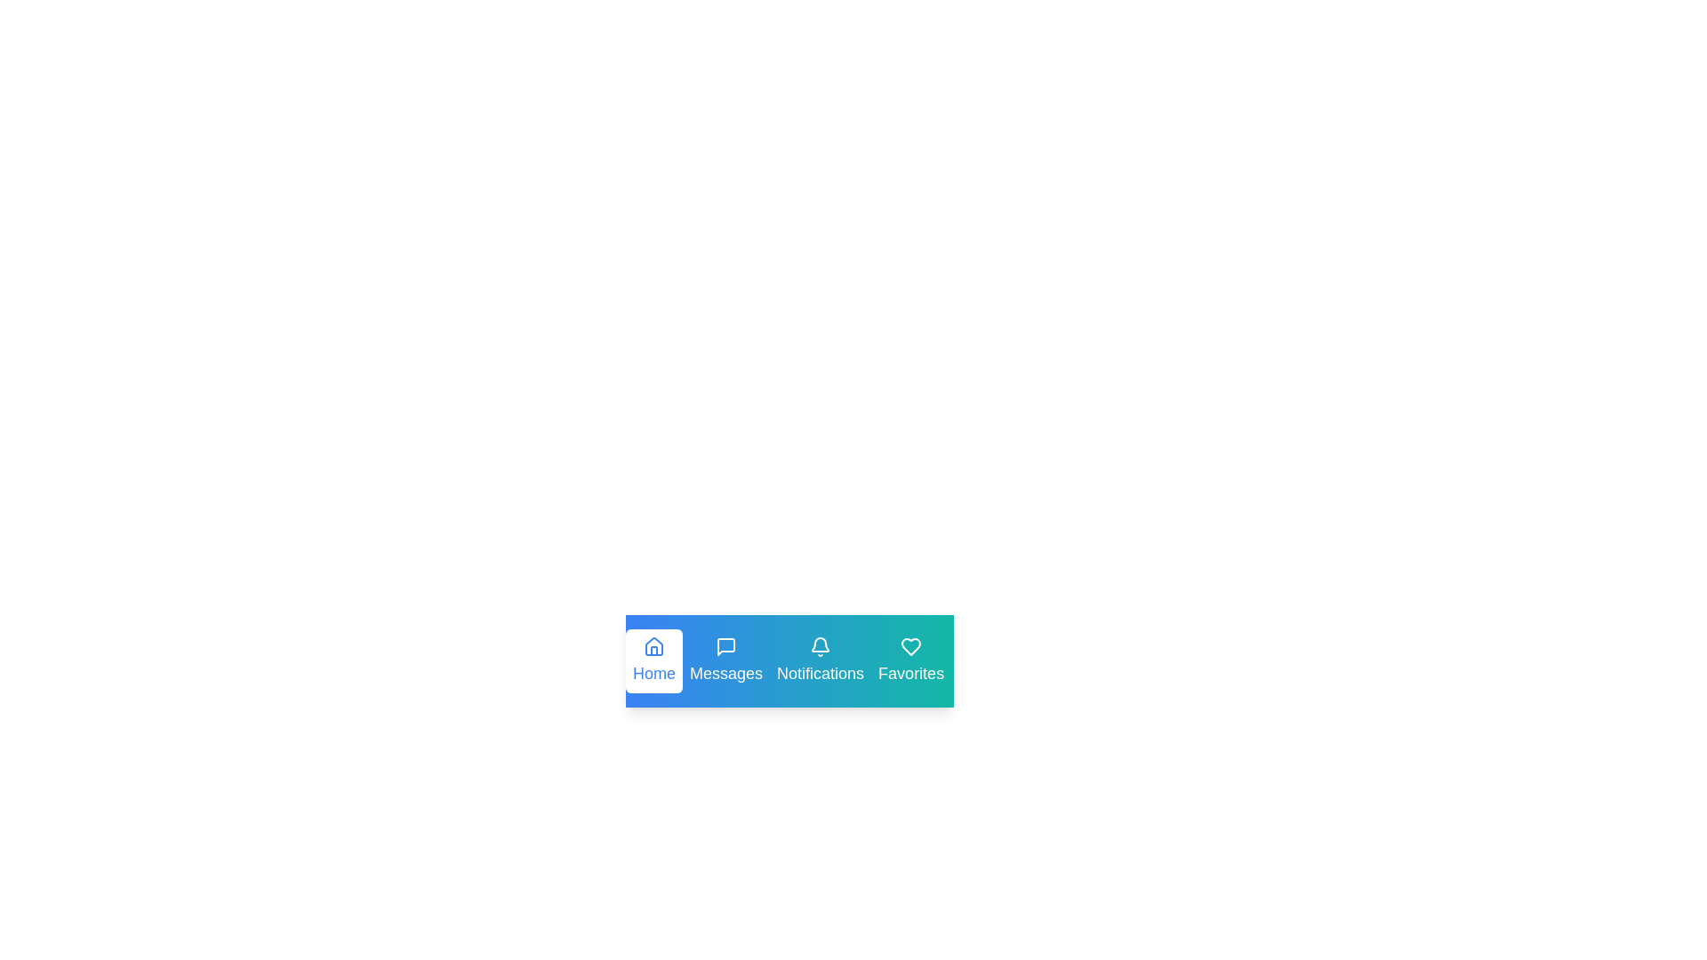  I want to click on the tab labeled Favorites to preview its interaction, so click(911, 661).